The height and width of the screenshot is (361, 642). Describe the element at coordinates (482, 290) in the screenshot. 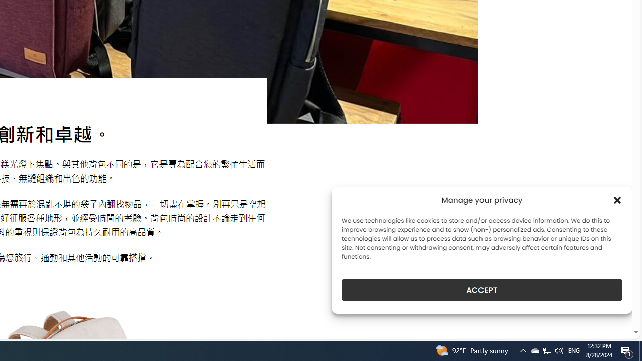

I see `'ACCEPT'` at that location.